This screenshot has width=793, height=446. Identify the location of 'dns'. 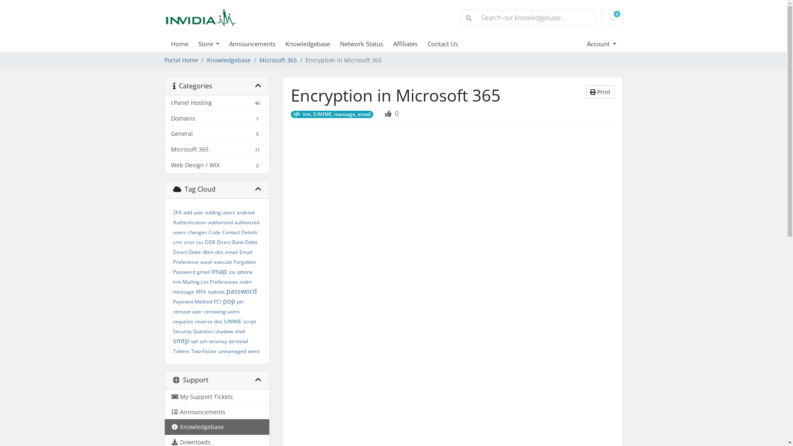
(218, 251).